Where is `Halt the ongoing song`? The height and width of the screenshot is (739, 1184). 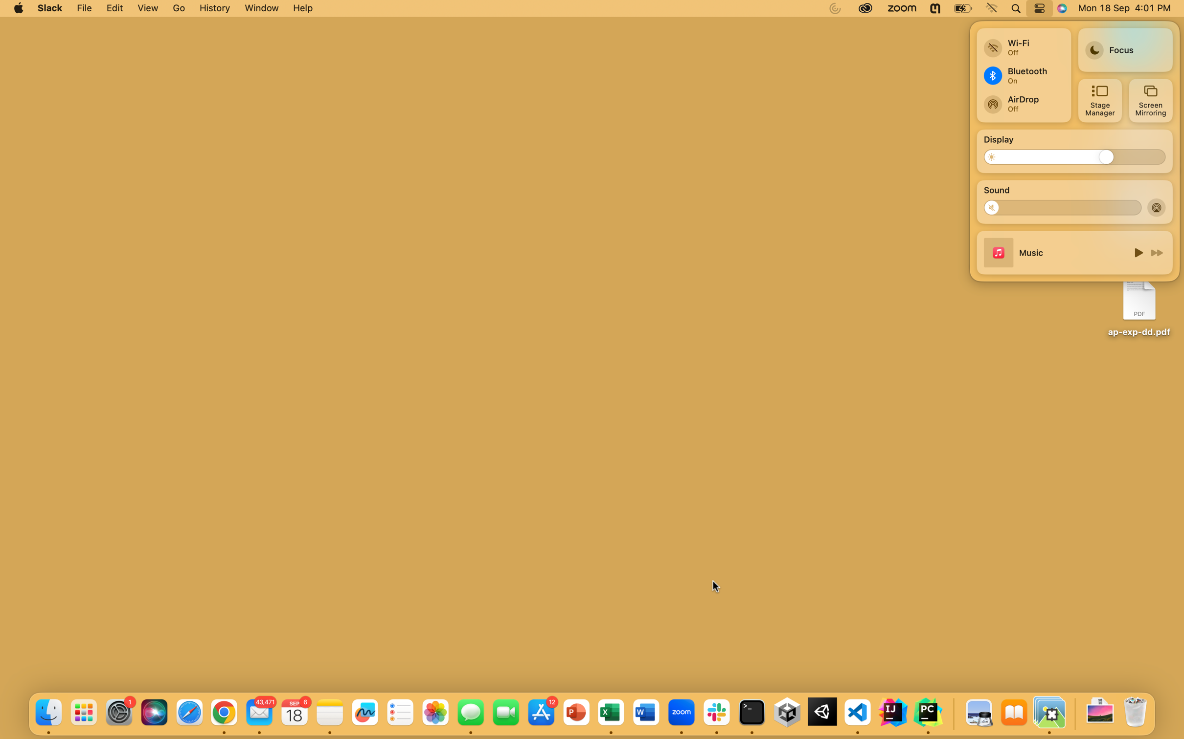
Halt the ongoing song is located at coordinates (1137, 252).